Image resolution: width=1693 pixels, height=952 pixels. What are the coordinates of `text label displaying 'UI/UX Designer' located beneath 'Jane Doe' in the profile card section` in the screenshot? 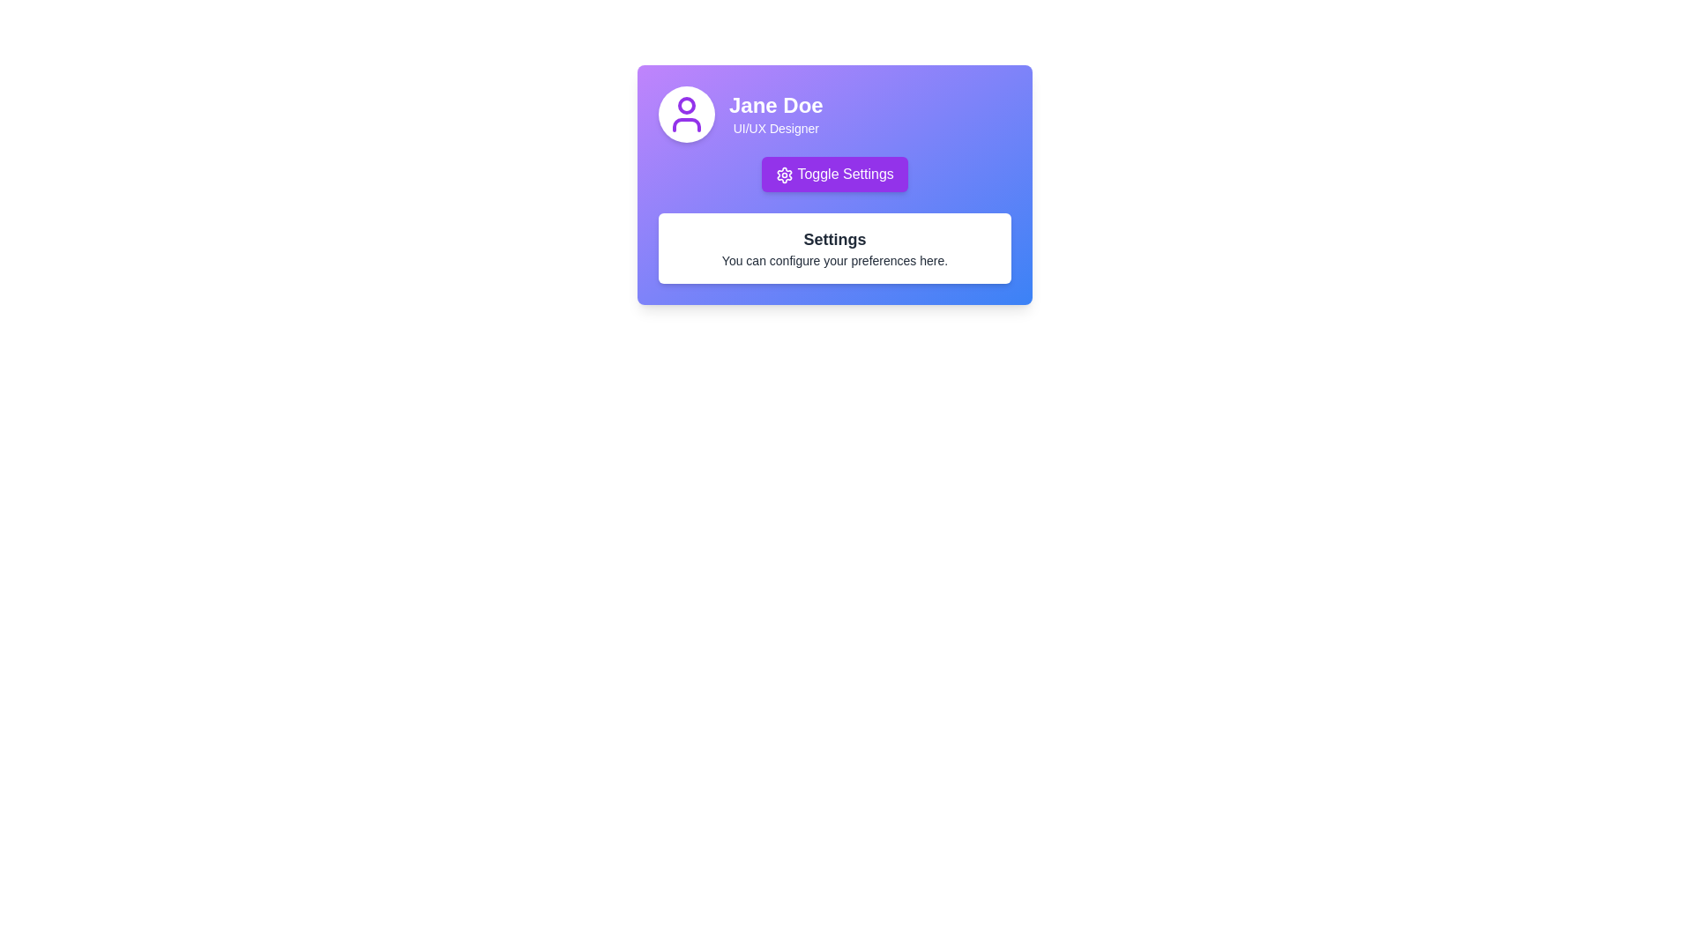 It's located at (776, 128).